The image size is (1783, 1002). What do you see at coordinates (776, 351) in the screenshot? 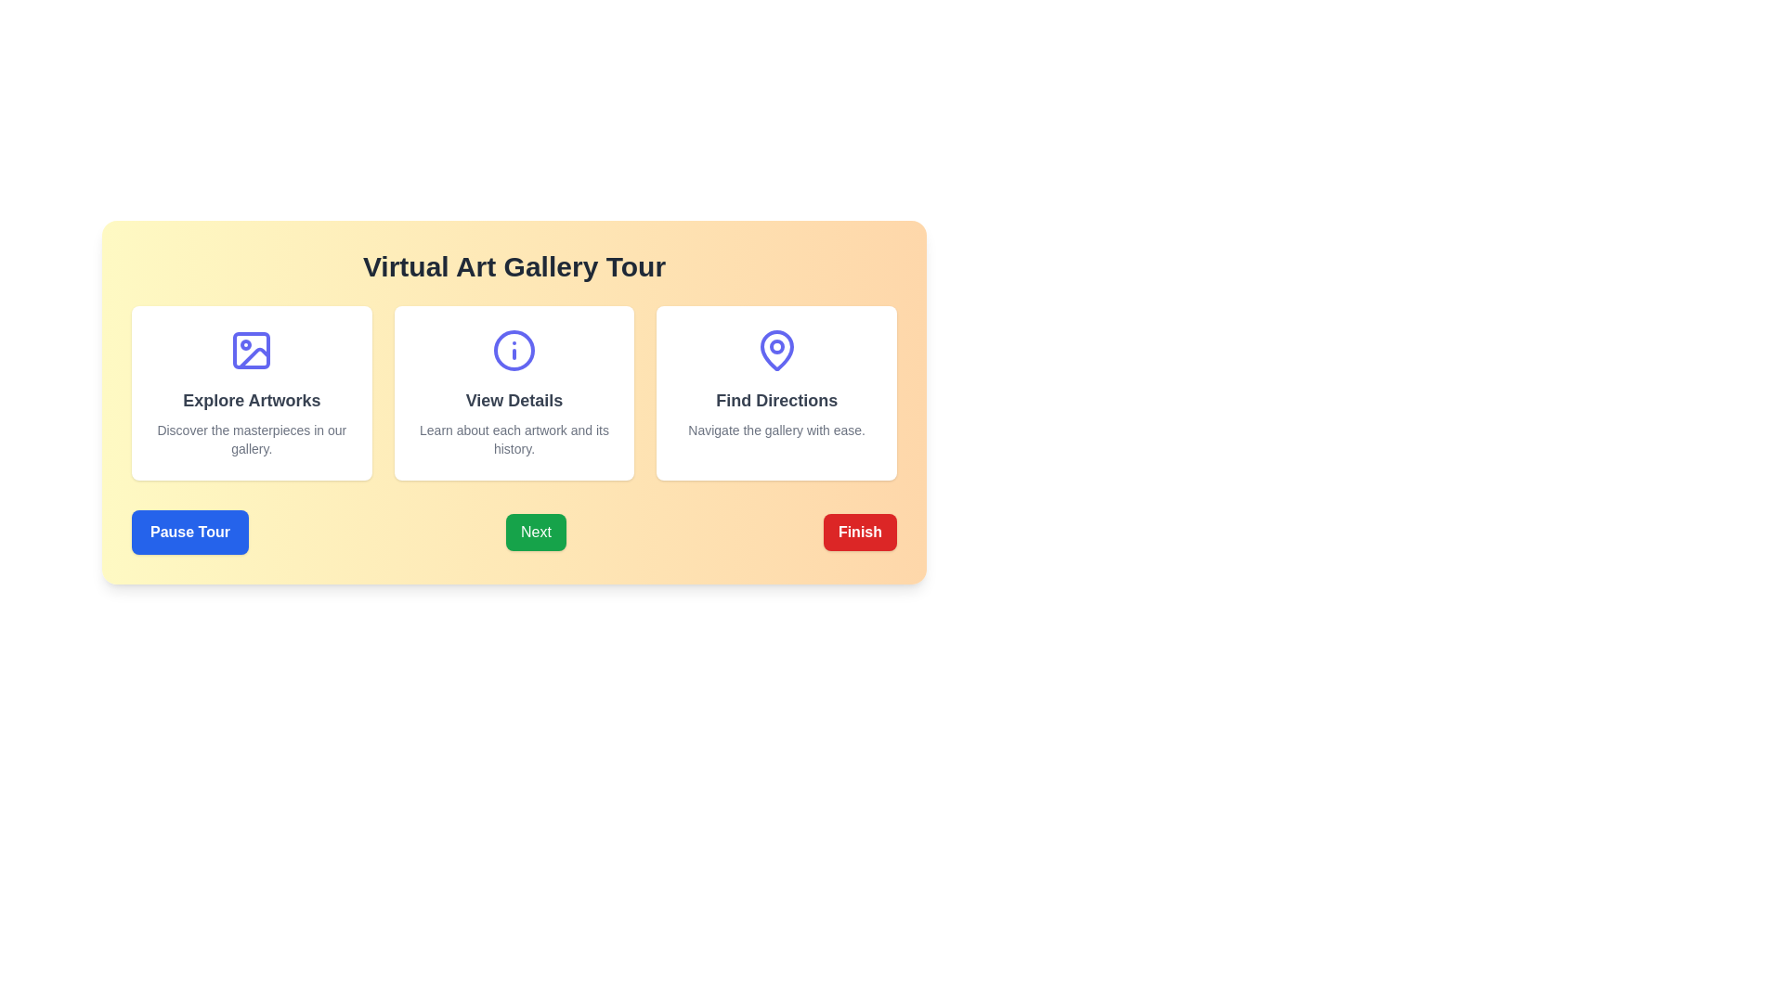
I see `the map pin SVG icon located at the center of the 'Find Directions' card, which is used for navigation features` at bounding box center [776, 351].